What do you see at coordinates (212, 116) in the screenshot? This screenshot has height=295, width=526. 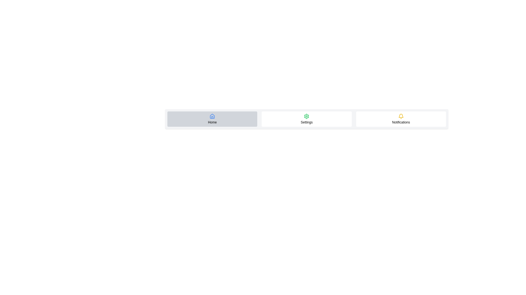 I see `the home icon, which is part of the gray 'Home' button on the navigation bar, located to the left of the 'Settings' and 'Notifications' buttons` at bounding box center [212, 116].